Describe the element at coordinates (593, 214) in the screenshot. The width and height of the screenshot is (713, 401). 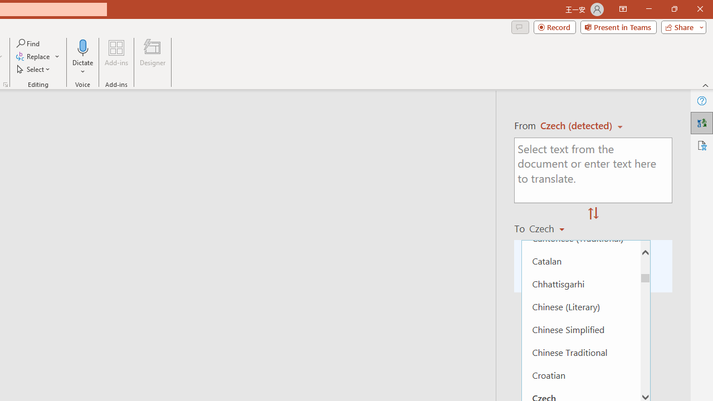
I see `'Swap "from" and "to" languages.'` at that location.